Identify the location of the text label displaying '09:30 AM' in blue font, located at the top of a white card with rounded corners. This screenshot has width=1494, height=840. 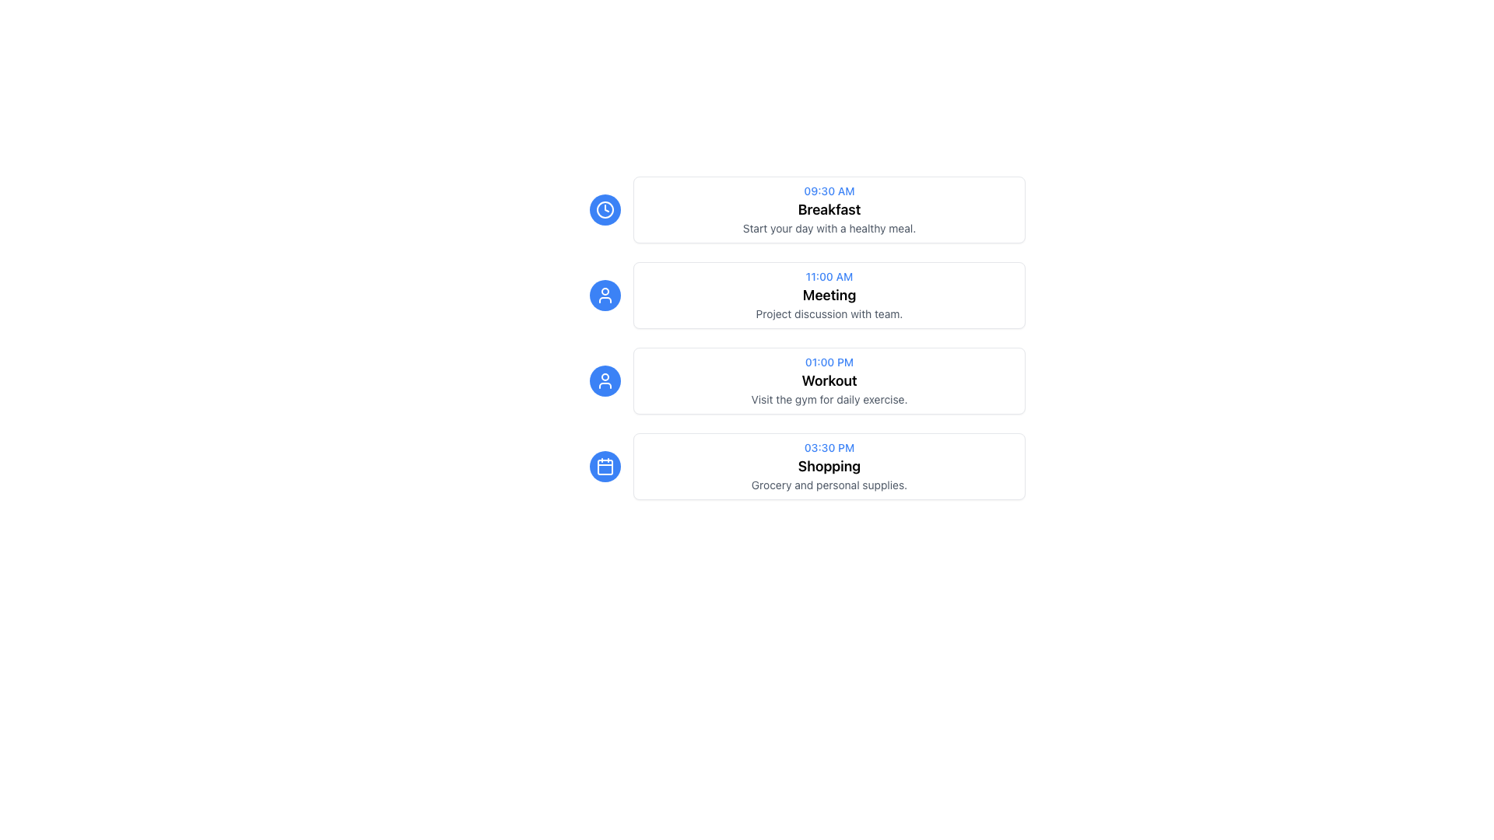
(828, 191).